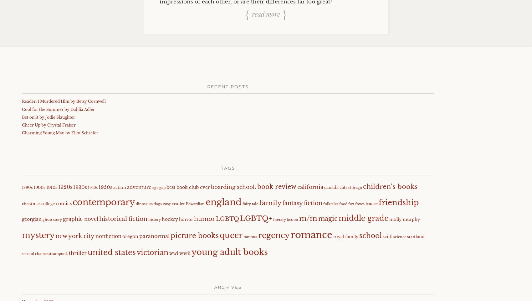 Image resolution: width=532 pixels, height=301 pixels. Describe the element at coordinates (48, 203) in the screenshot. I see `'college'` at that location.